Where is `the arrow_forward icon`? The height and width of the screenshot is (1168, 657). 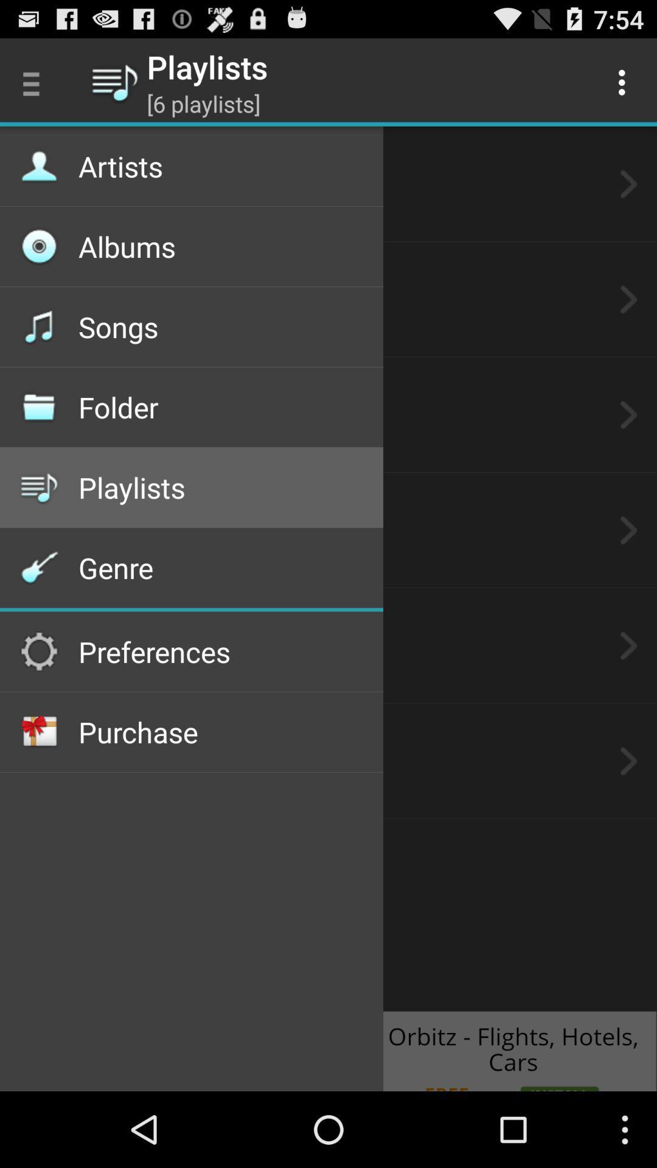
the arrow_forward icon is located at coordinates (604, 690).